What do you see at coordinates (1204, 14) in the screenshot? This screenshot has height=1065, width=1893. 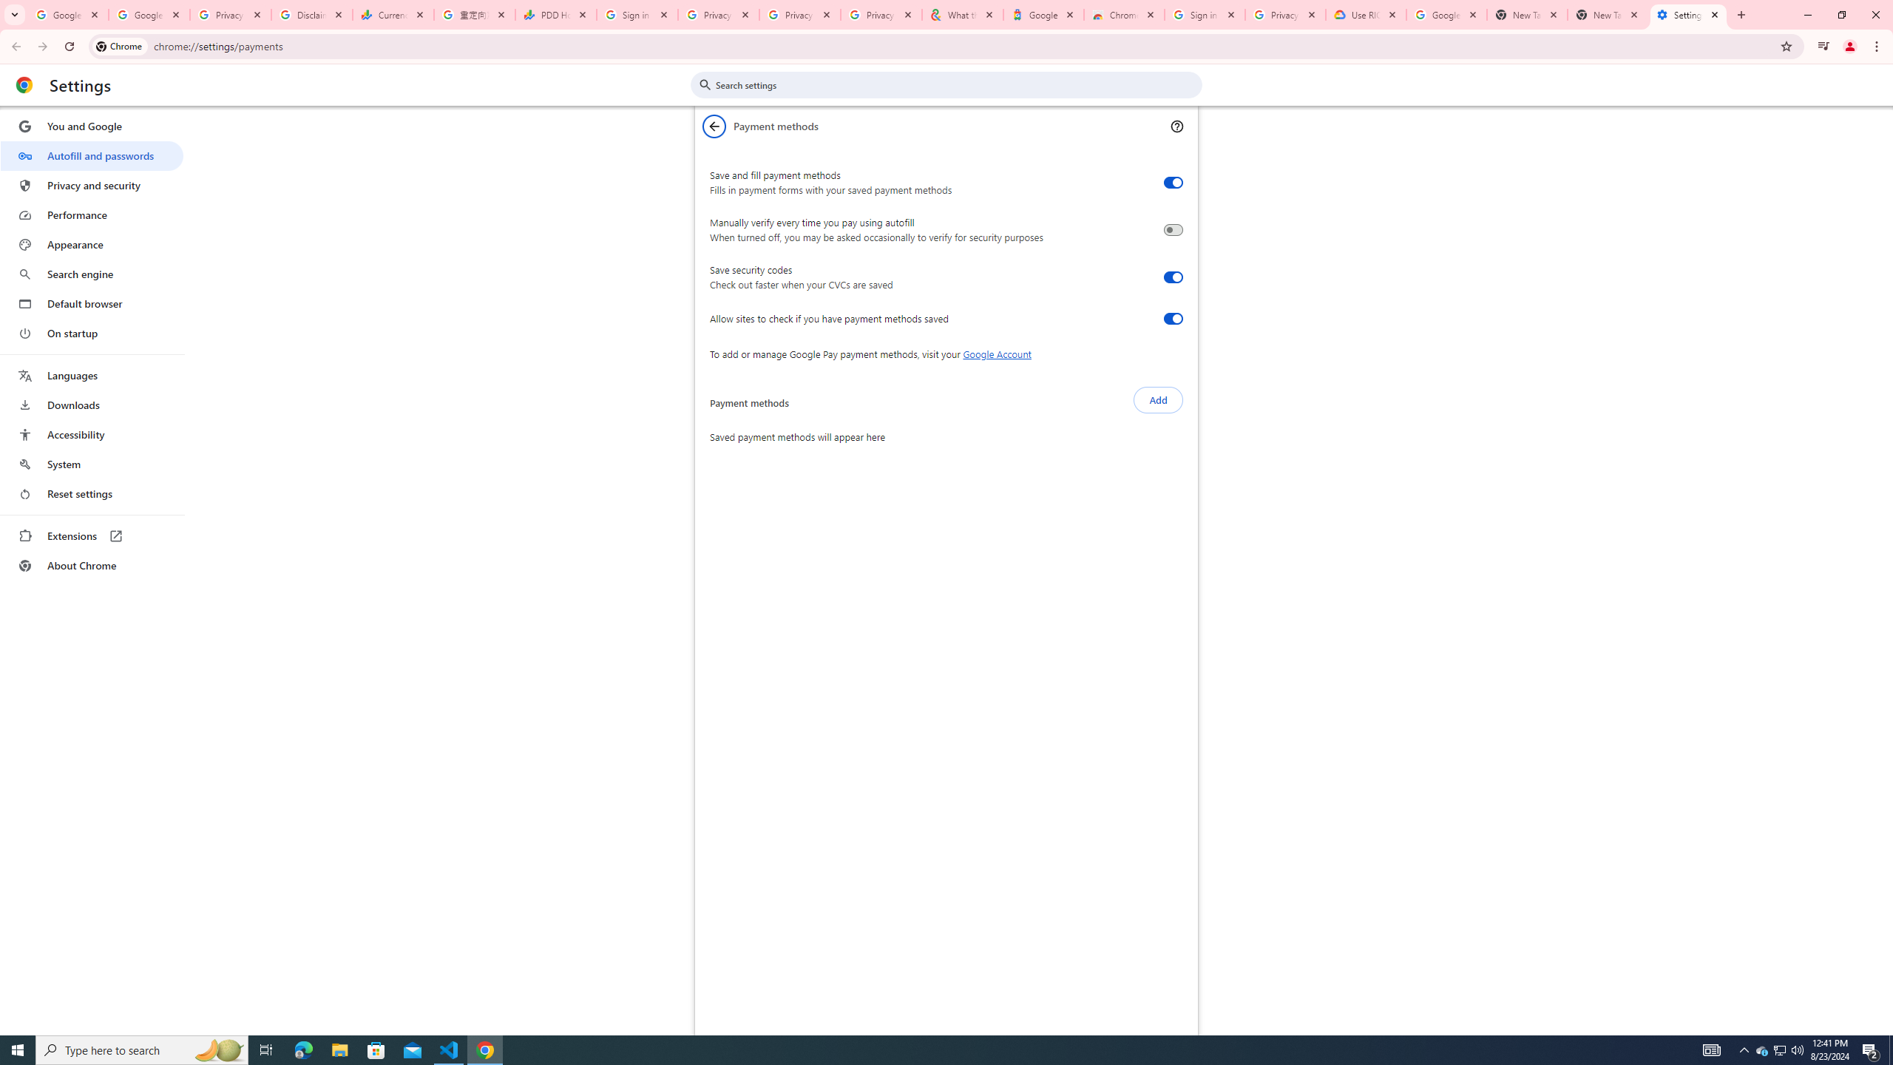 I see `'Sign in - Google Accounts'` at bounding box center [1204, 14].